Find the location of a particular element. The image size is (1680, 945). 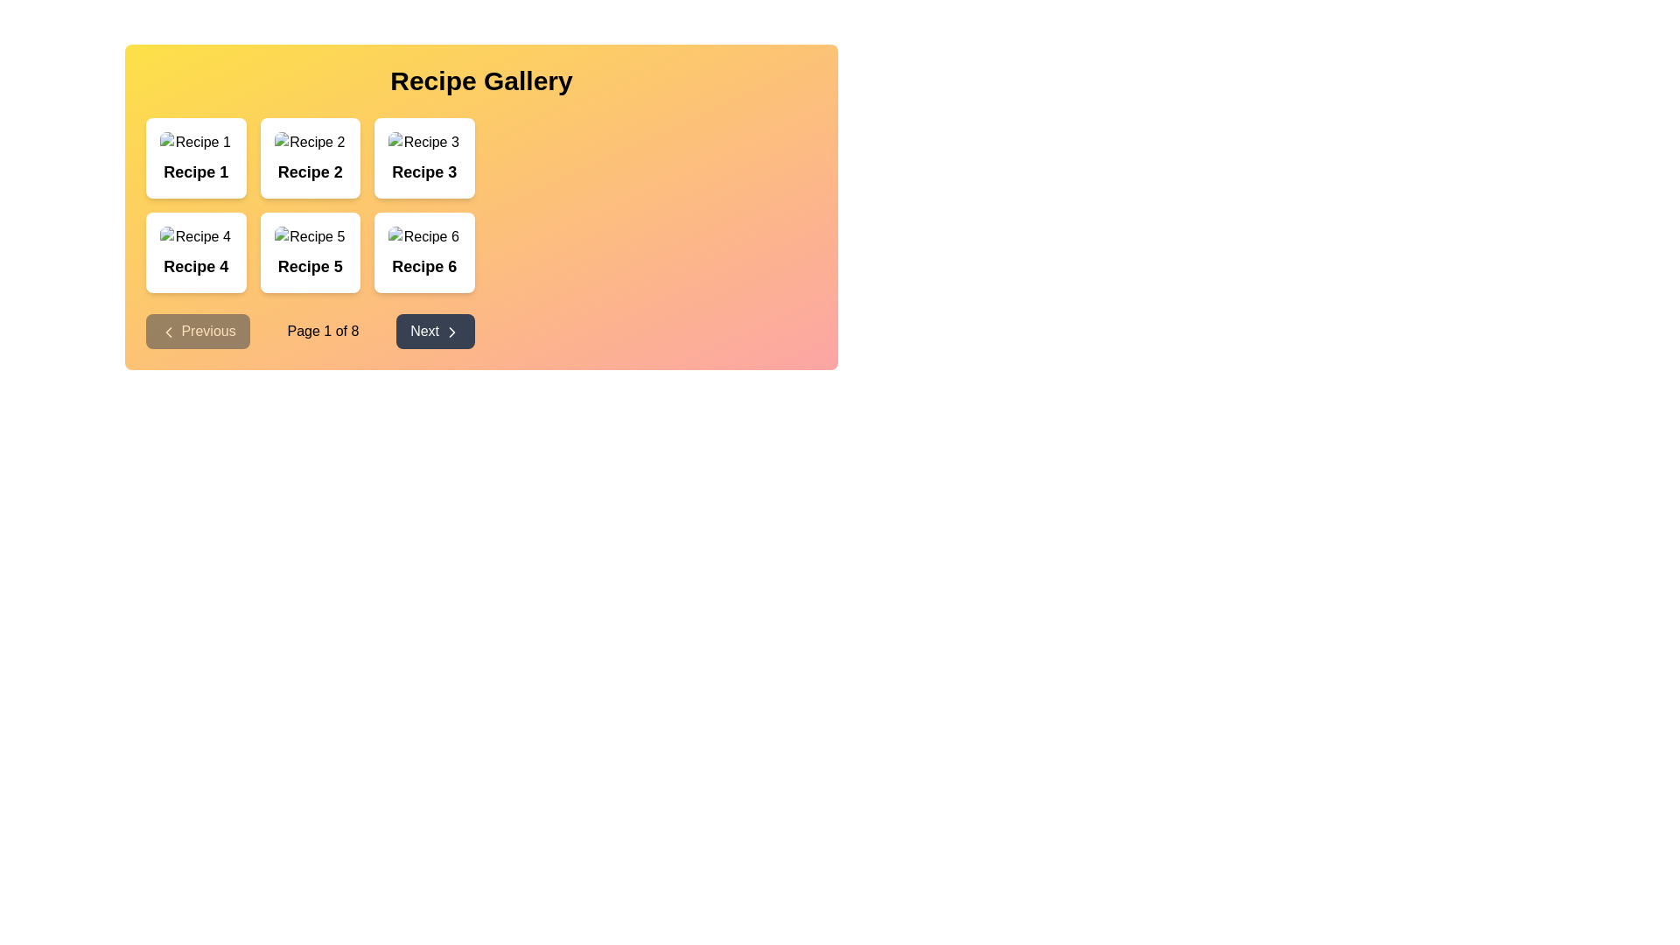

the recipe card displaying 'Recipe 5' in the grid layout is located at coordinates (310, 232).